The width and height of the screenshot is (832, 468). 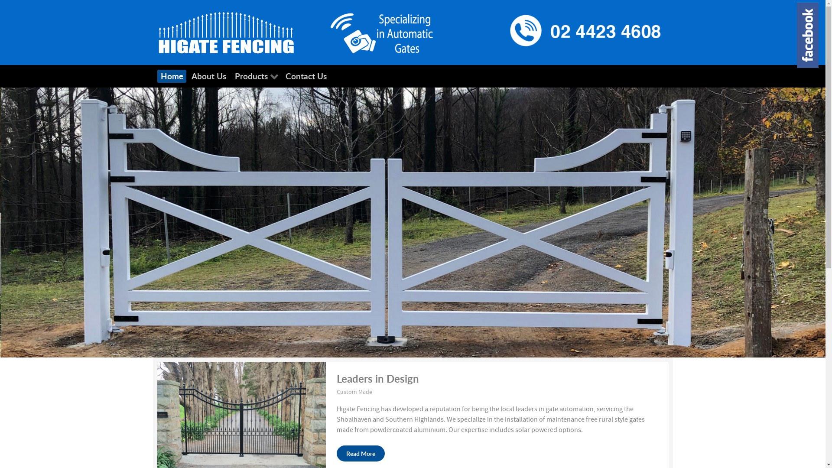 What do you see at coordinates (209, 76) in the screenshot?
I see `'About Us'` at bounding box center [209, 76].